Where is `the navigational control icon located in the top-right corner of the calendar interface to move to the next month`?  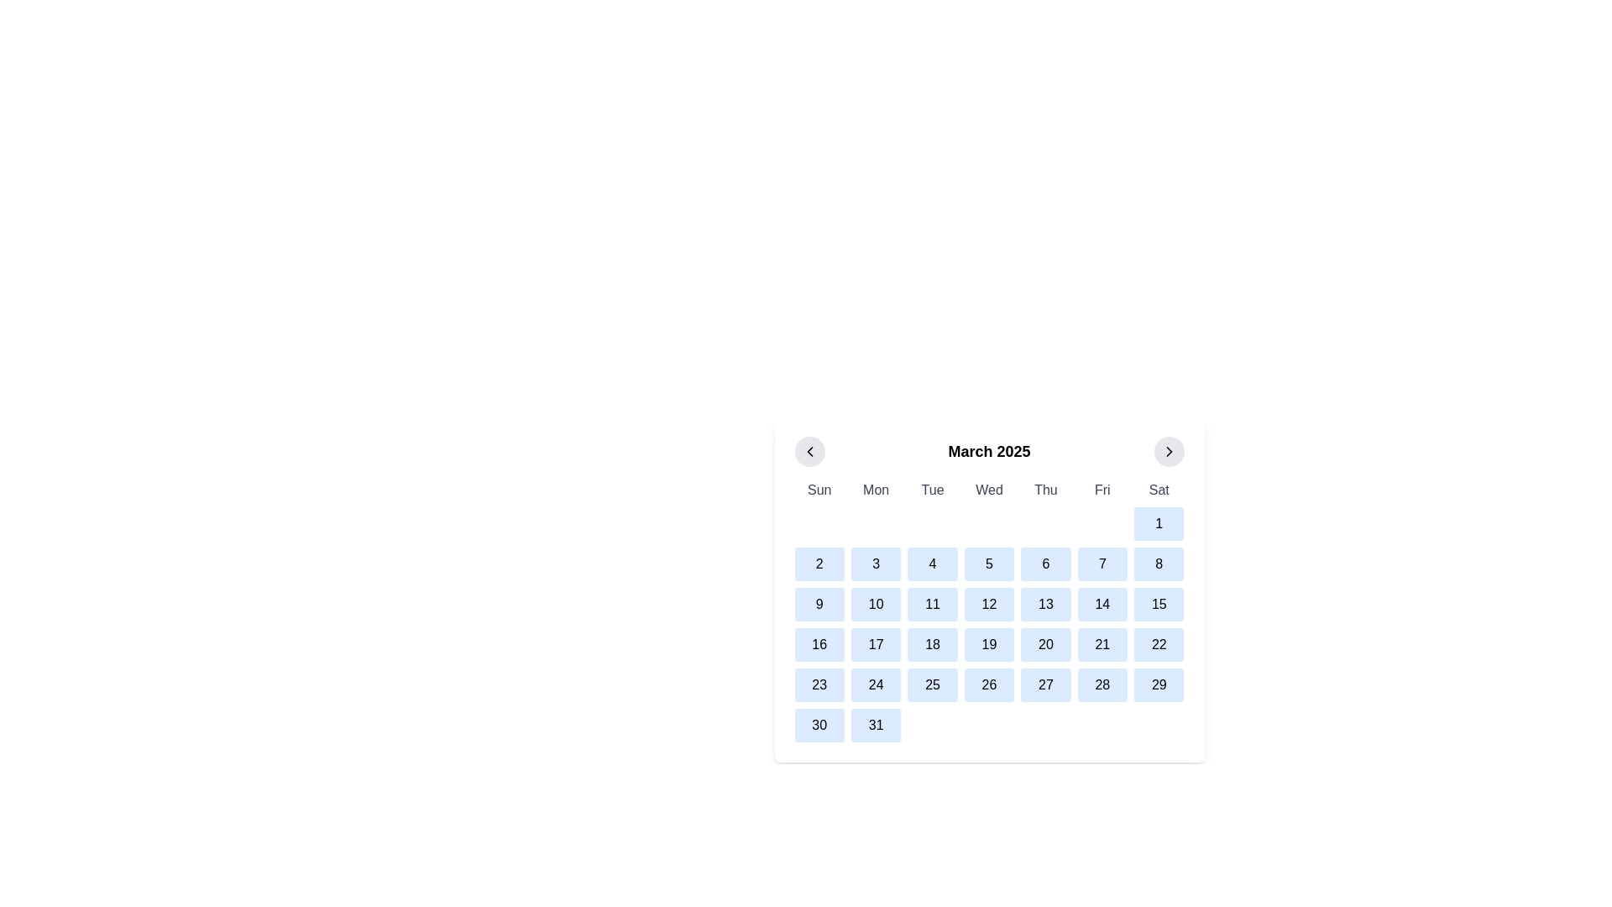
the navigational control icon located in the top-right corner of the calendar interface to move to the next month is located at coordinates (1168, 450).